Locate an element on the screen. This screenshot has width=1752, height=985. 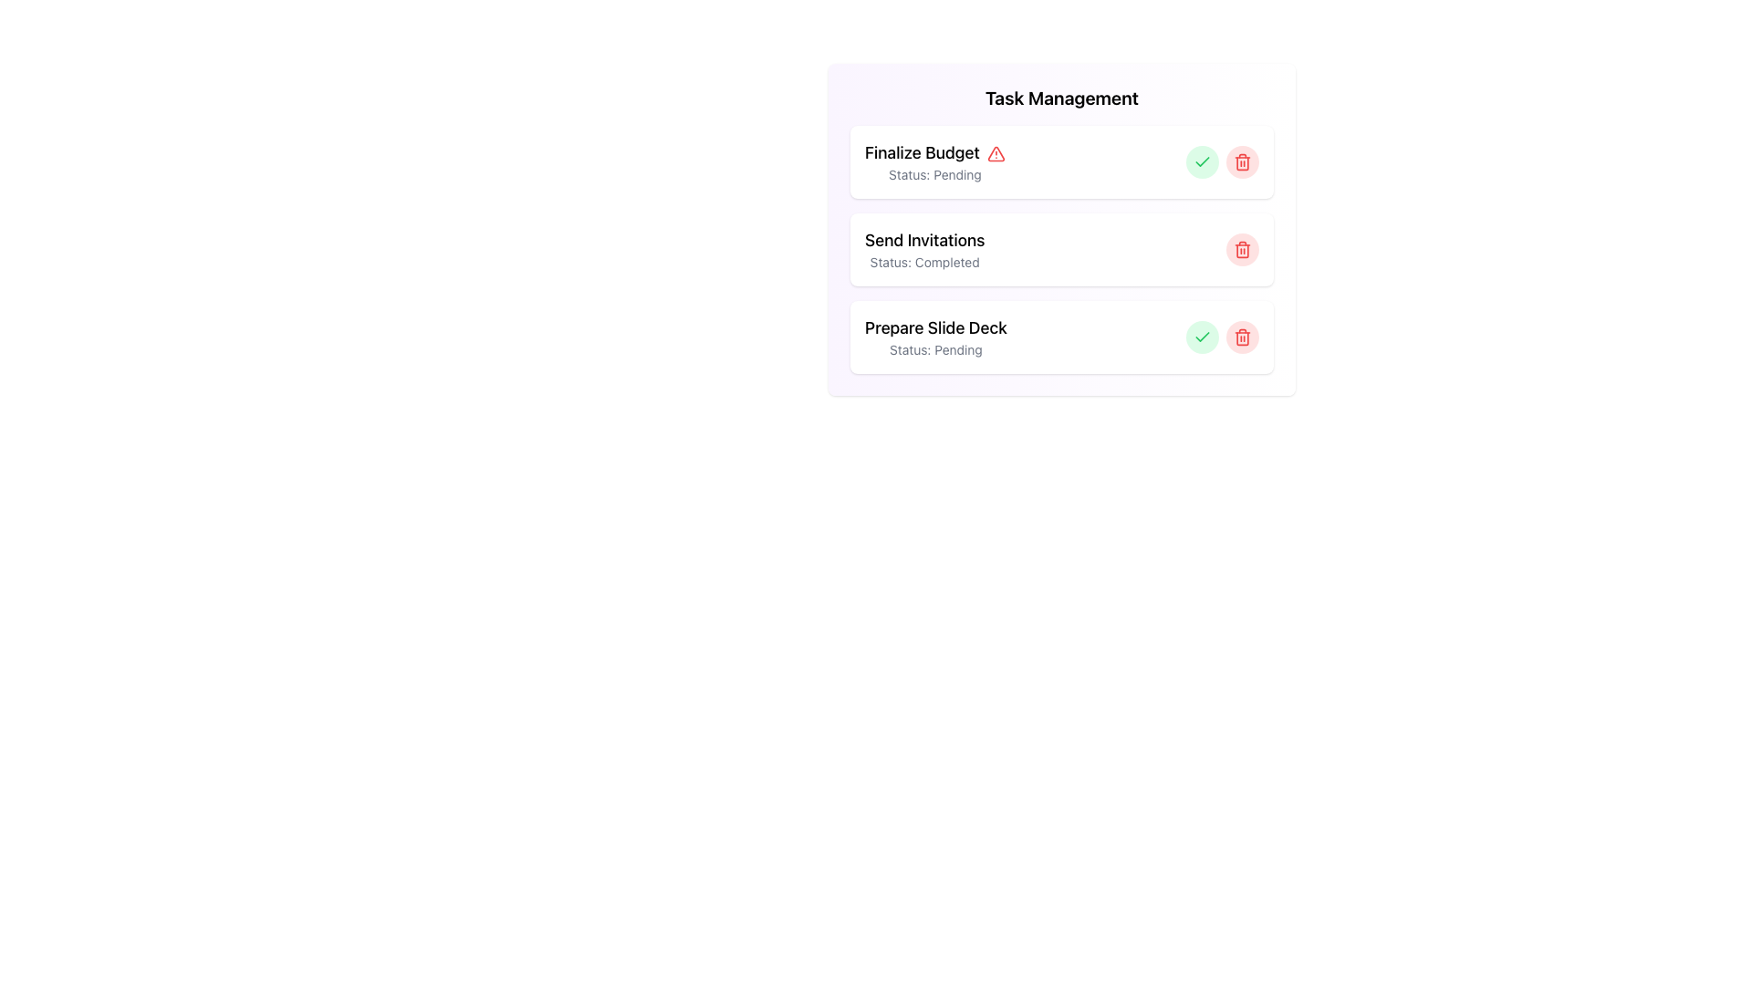
the bolded text label that reads 'Prepare Slide Deck' located at the top of the third task card in the task manager interface is located at coordinates (935, 327).